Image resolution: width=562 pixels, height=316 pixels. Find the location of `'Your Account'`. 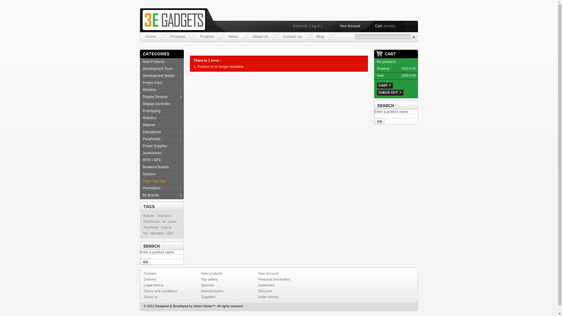

'Your Account' is located at coordinates (350, 25).